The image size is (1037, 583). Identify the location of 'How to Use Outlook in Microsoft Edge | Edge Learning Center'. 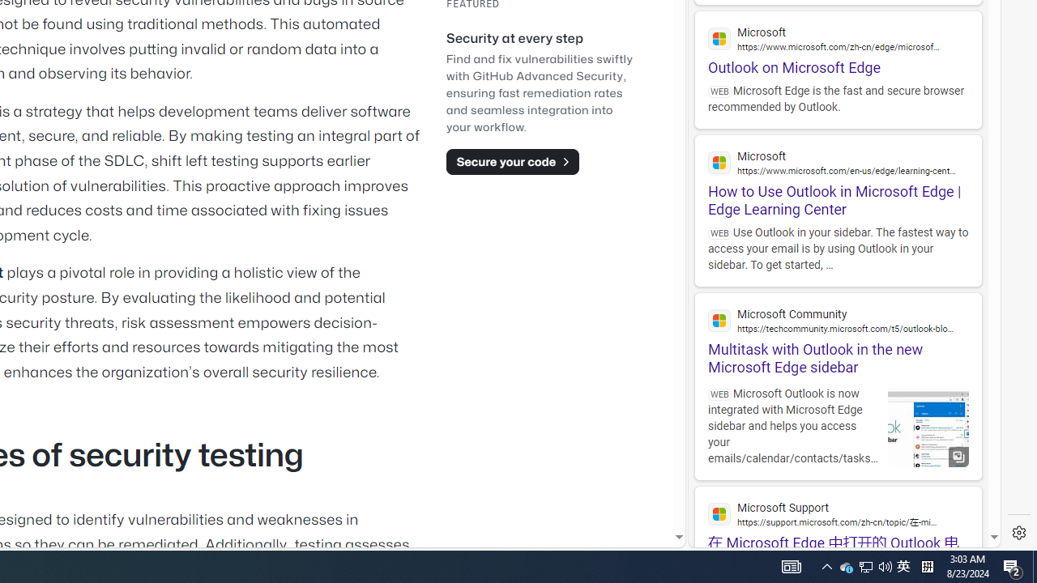
(838, 177).